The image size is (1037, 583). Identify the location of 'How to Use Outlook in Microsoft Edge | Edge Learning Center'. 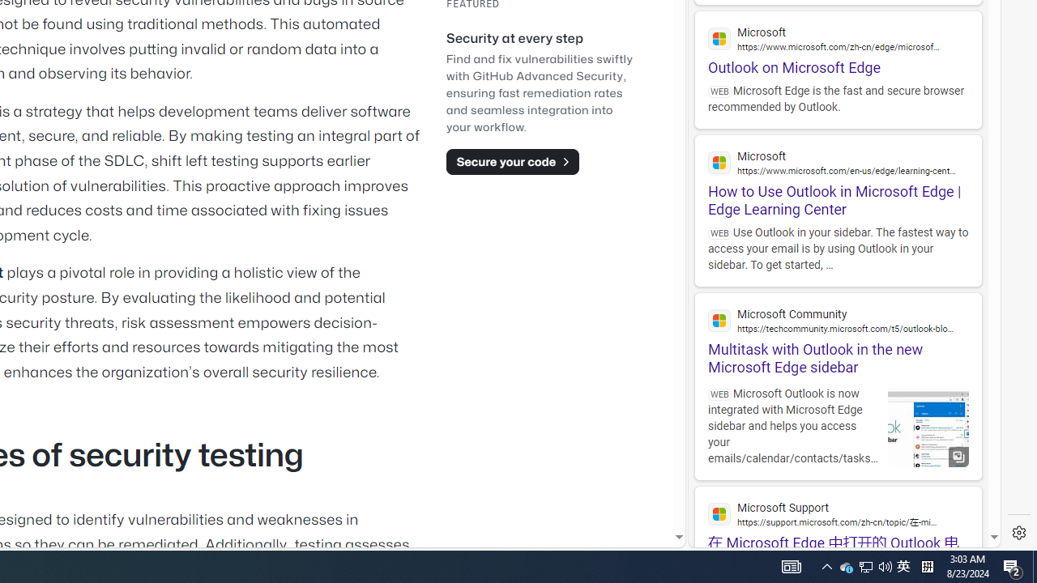
(838, 177).